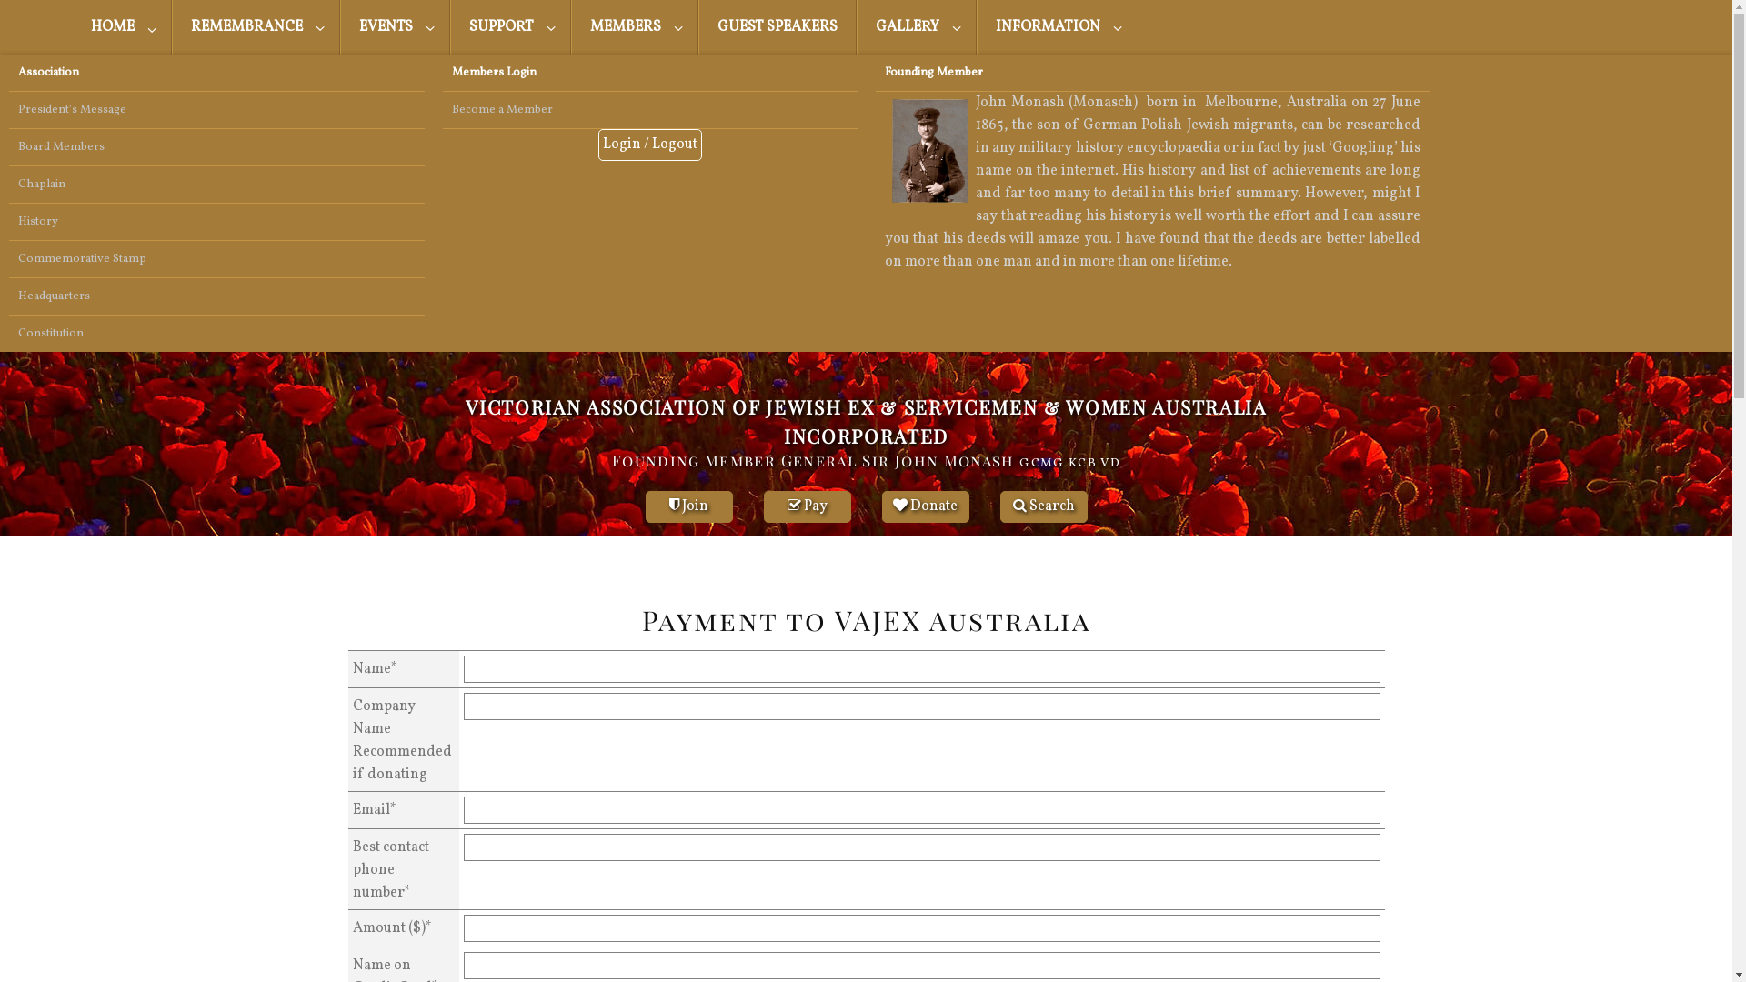 Image resolution: width=1746 pixels, height=982 pixels. Describe the element at coordinates (1056, 27) in the screenshot. I see `'INFORMATION'` at that location.